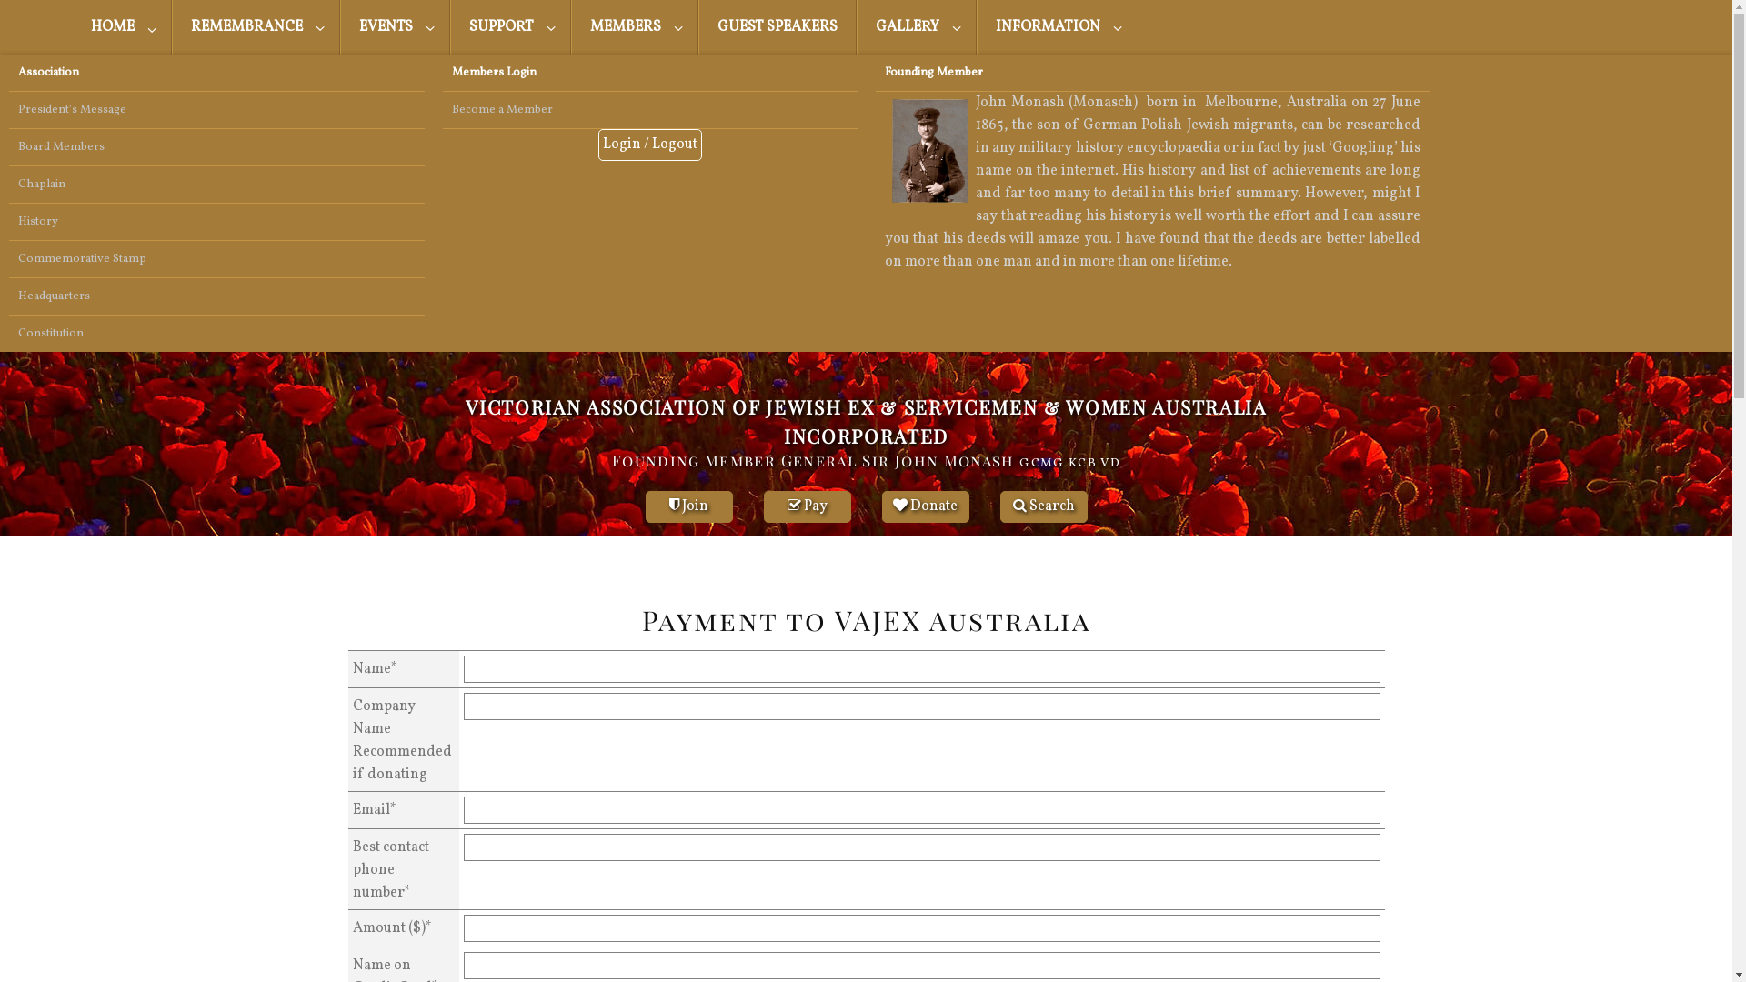 Image resolution: width=1746 pixels, height=982 pixels. Describe the element at coordinates (1056, 27) in the screenshot. I see `'INFORMATION'` at that location.